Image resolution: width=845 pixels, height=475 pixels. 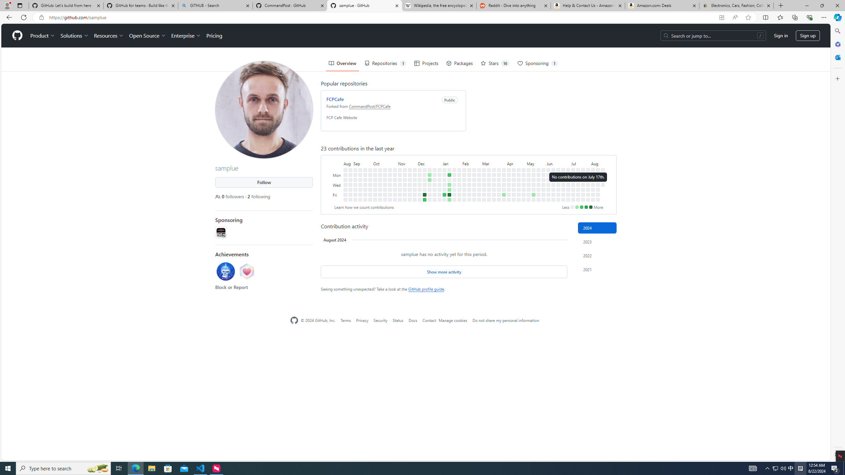 What do you see at coordinates (186, 35) in the screenshot?
I see `'Enterprise'` at bounding box center [186, 35].